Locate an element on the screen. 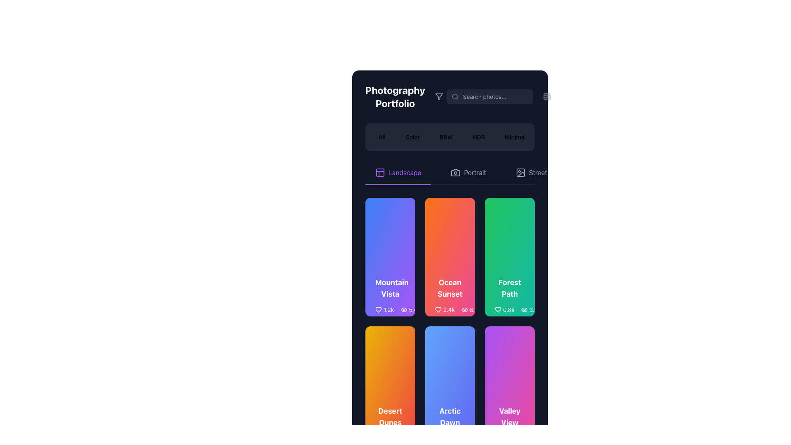 The height and width of the screenshot is (445, 791). the search icon located within the 'Photography Portfolio' heading with a search bar to initiate a search is located at coordinates (449, 96).